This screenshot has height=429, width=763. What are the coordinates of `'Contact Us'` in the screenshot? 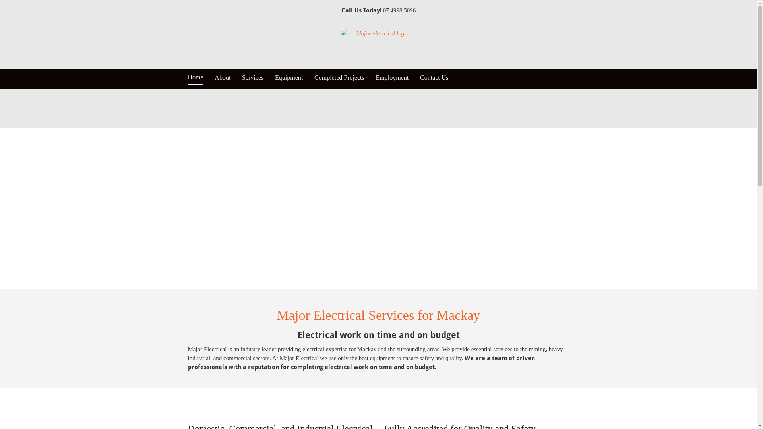 It's located at (434, 78).